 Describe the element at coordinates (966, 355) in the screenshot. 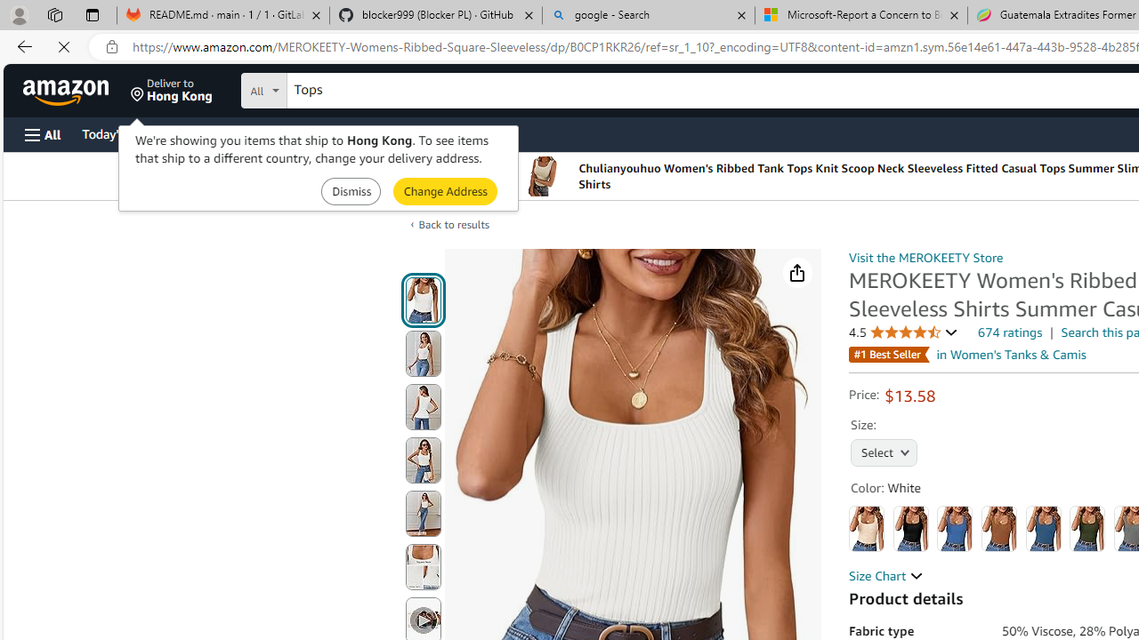

I see `'#1 Best Seller in Women'` at that location.